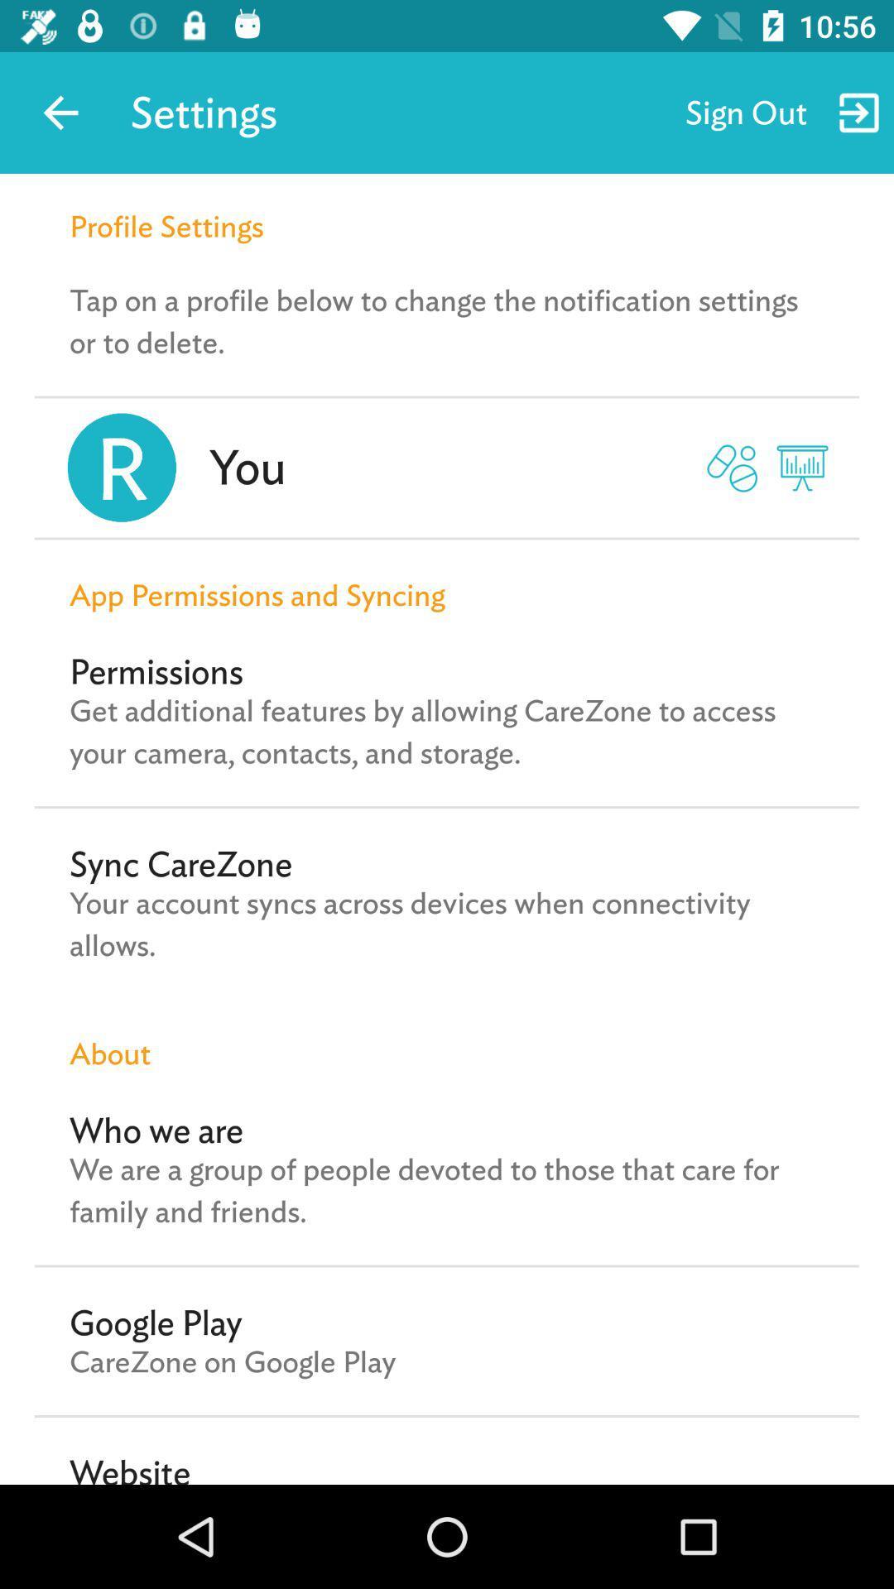 Image resolution: width=894 pixels, height=1589 pixels. What do you see at coordinates (233, 1361) in the screenshot?
I see `the item above the website item` at bounding box center [233, 1361].